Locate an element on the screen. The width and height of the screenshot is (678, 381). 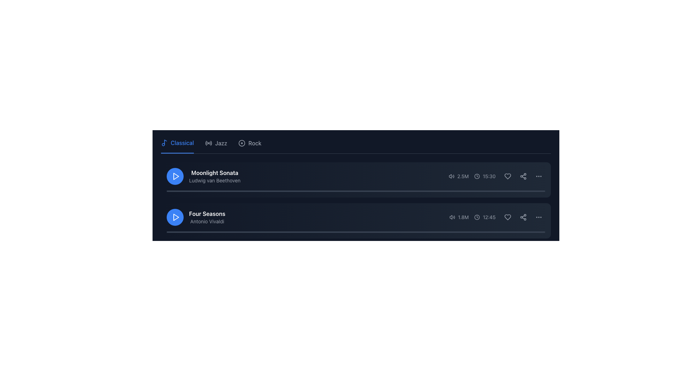
the label displaying the name of the composer associated with the musical piece 'Moonlight Sonata', which is positioned directly beneath the title is located at coordinates (214, 180).